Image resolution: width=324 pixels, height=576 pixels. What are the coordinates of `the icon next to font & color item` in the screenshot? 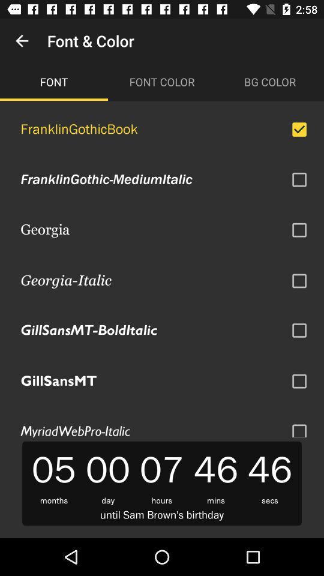 It's located at (22, 41).